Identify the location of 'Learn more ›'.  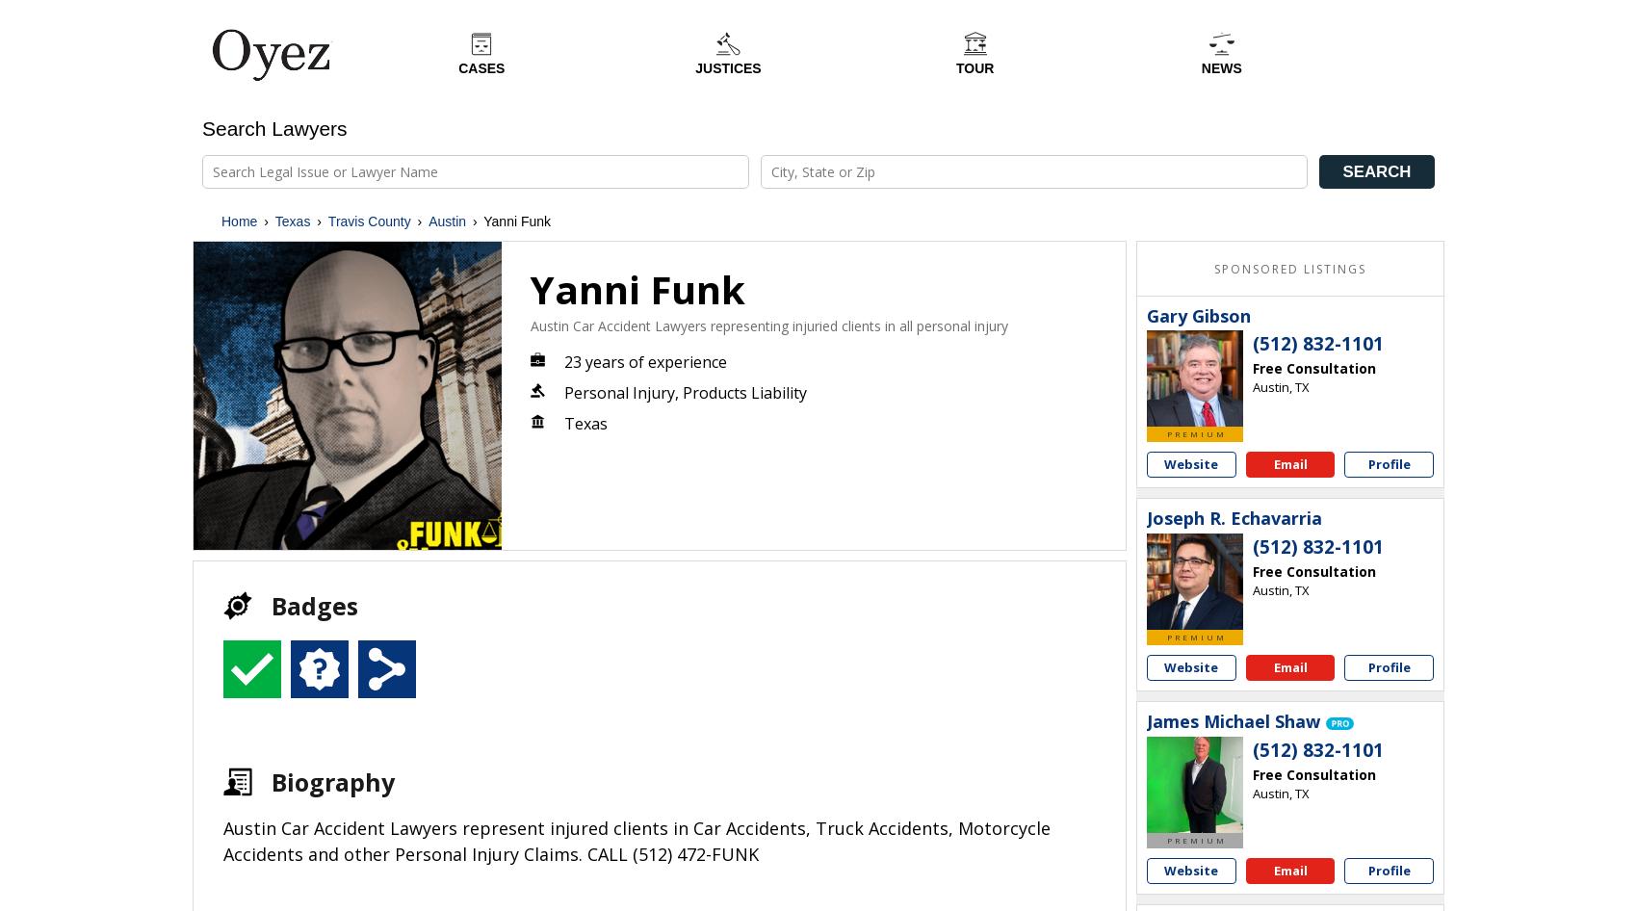
(1152, 793).